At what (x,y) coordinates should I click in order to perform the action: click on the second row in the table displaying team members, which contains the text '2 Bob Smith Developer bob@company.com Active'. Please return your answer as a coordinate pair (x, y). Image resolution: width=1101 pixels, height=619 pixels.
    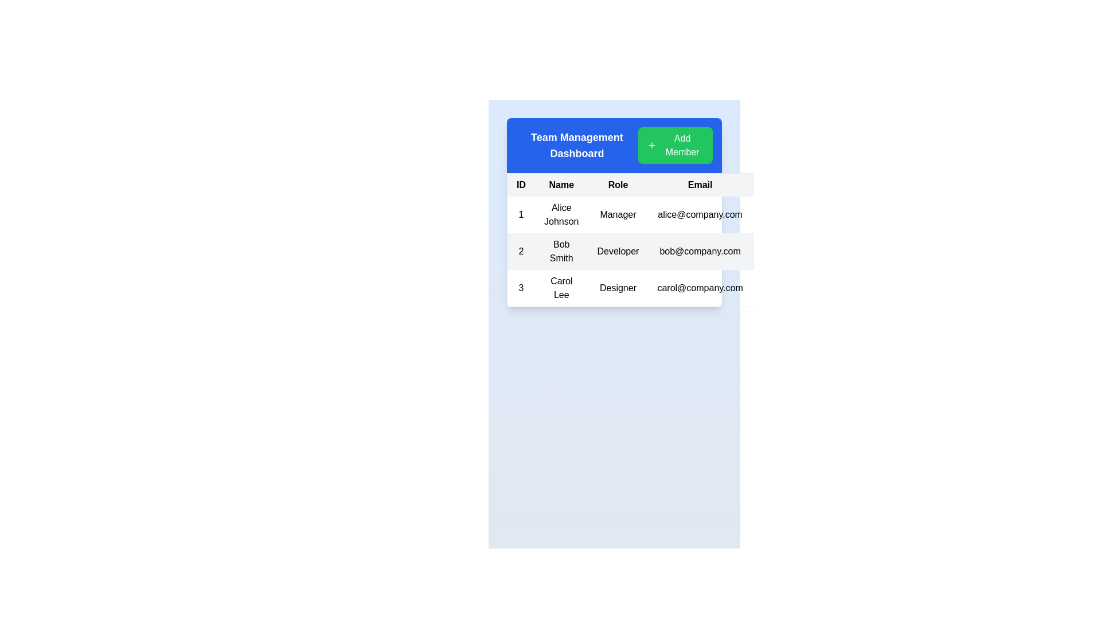
    Looking at the image, I should click on (684, 251).